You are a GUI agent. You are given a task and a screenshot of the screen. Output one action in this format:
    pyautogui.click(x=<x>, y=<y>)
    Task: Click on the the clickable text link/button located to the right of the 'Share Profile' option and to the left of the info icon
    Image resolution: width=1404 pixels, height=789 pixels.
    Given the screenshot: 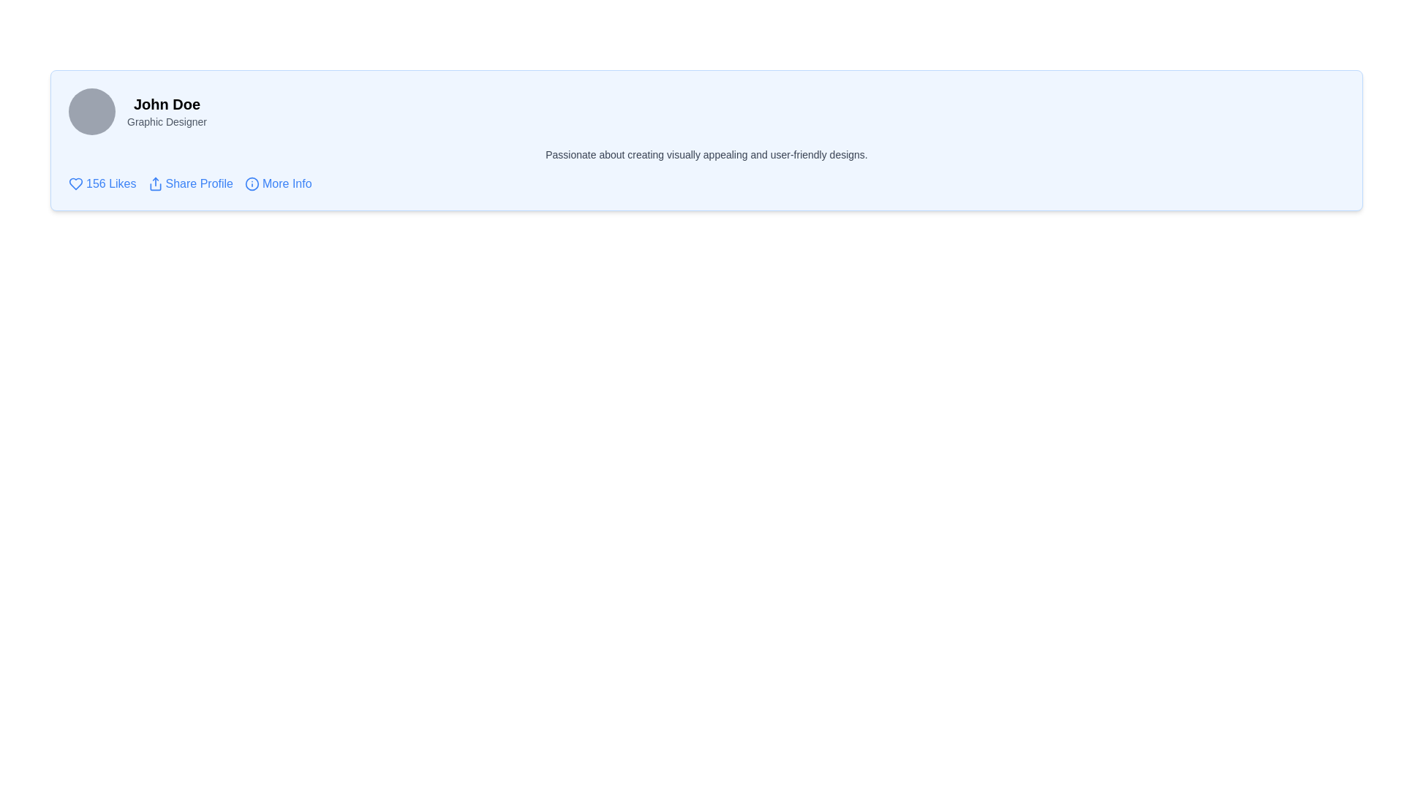 What is the action you would take?
    pyautogui.click(x=287, y=183)
    